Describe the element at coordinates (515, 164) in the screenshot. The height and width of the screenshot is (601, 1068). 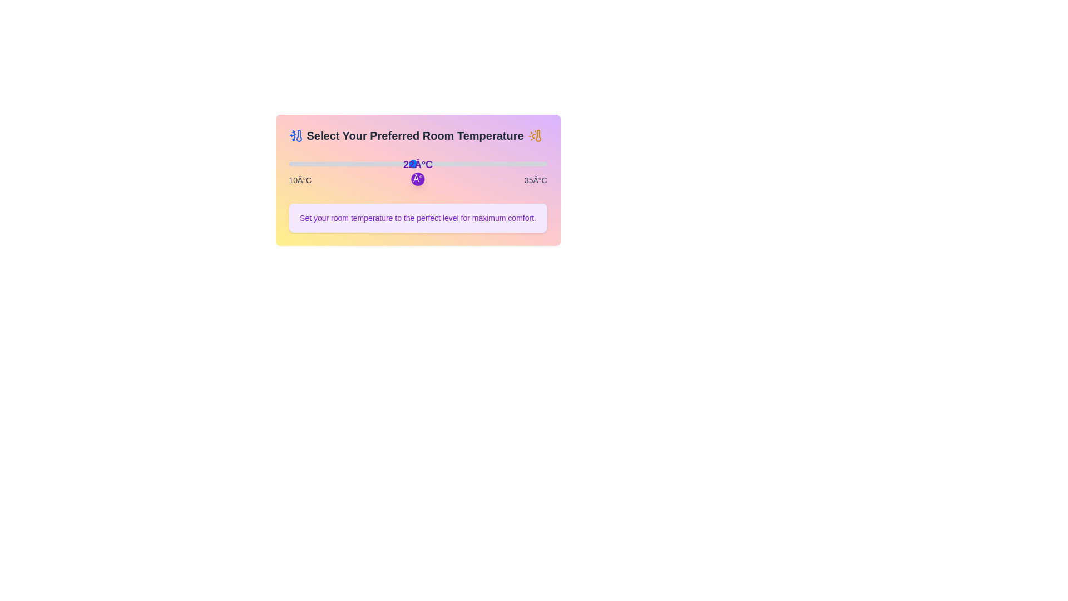
I see `the temperature to 32°C by dragging the slider` at that location.